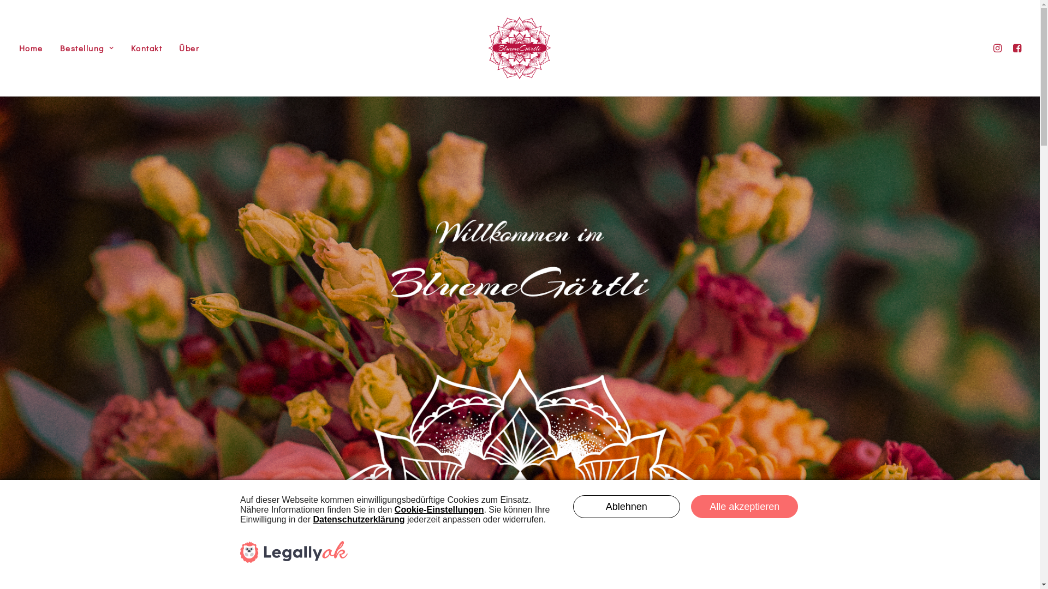 Image resolution: width=1048 pixels, height=589 pixels. Describe the element at coordinates (34, 47) in the screenshot. I see `'Home'` at that location.